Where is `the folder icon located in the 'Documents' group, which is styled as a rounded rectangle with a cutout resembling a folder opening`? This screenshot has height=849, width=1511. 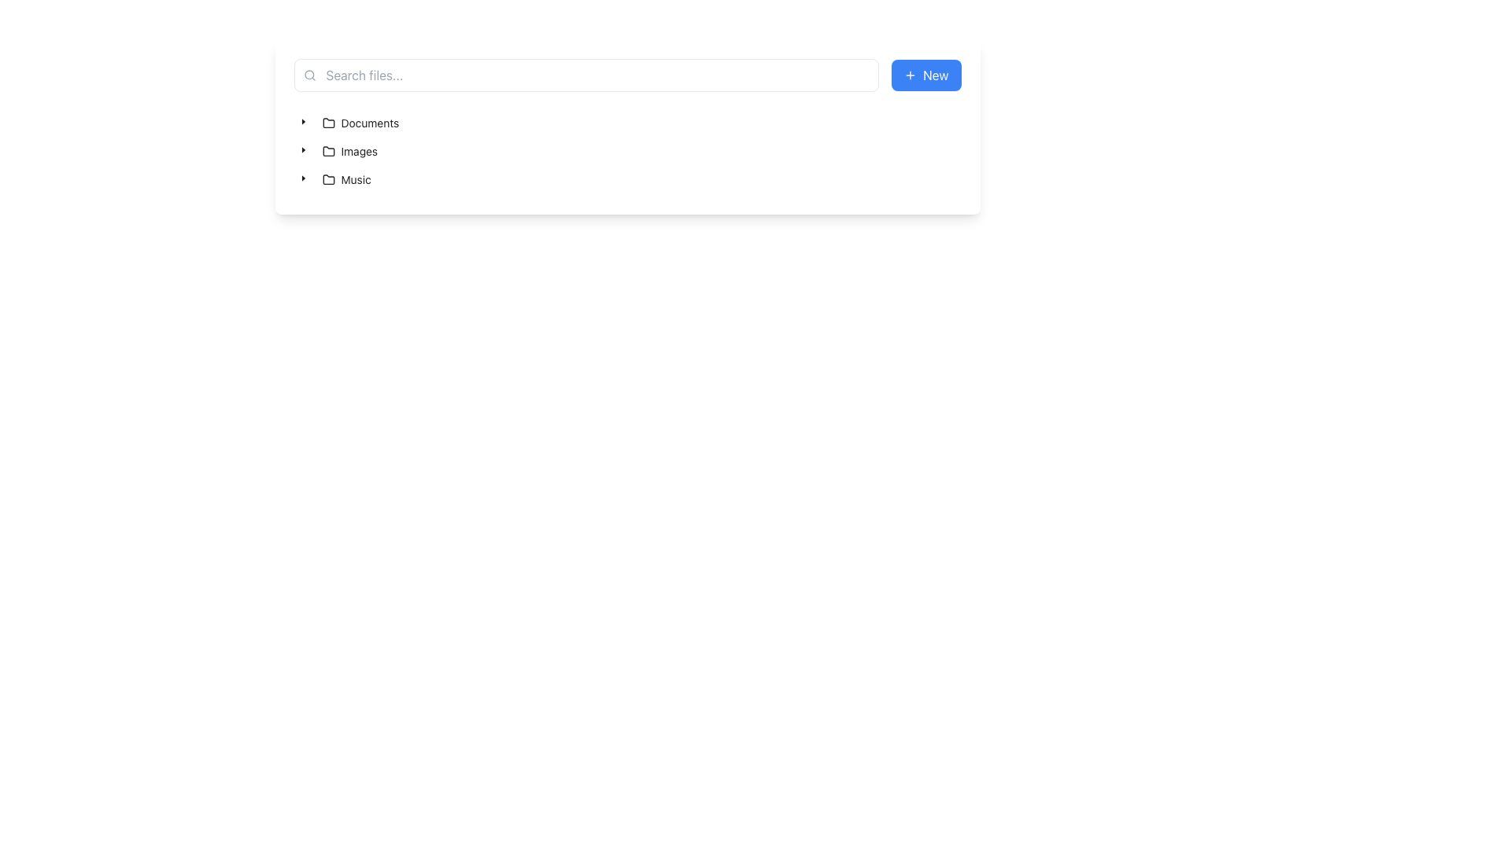 the folder icon located in the 'Documents' group, which is styled as a rounded rectangle with a cutout resembling a folder opening is located at coordinates (327, 123).